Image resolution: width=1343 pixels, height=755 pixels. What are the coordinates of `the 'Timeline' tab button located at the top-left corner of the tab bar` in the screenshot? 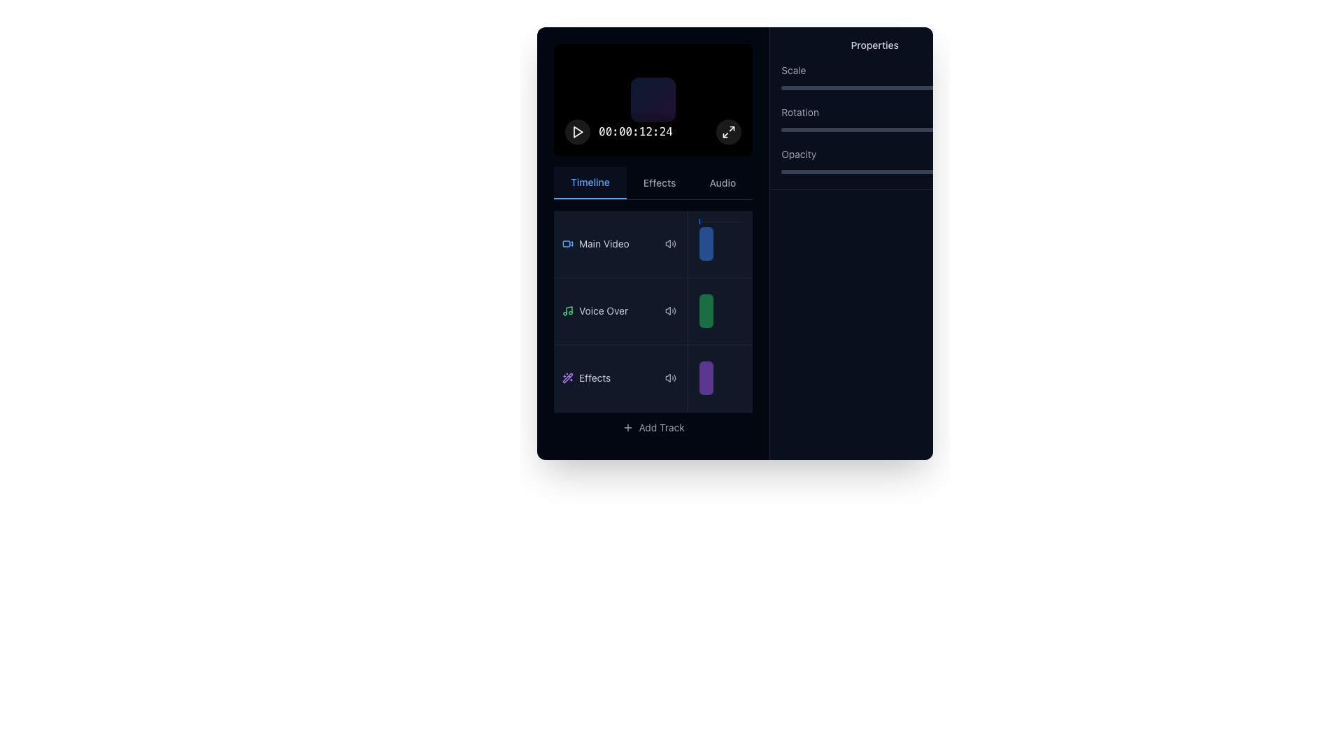 It's located at (590, 182).